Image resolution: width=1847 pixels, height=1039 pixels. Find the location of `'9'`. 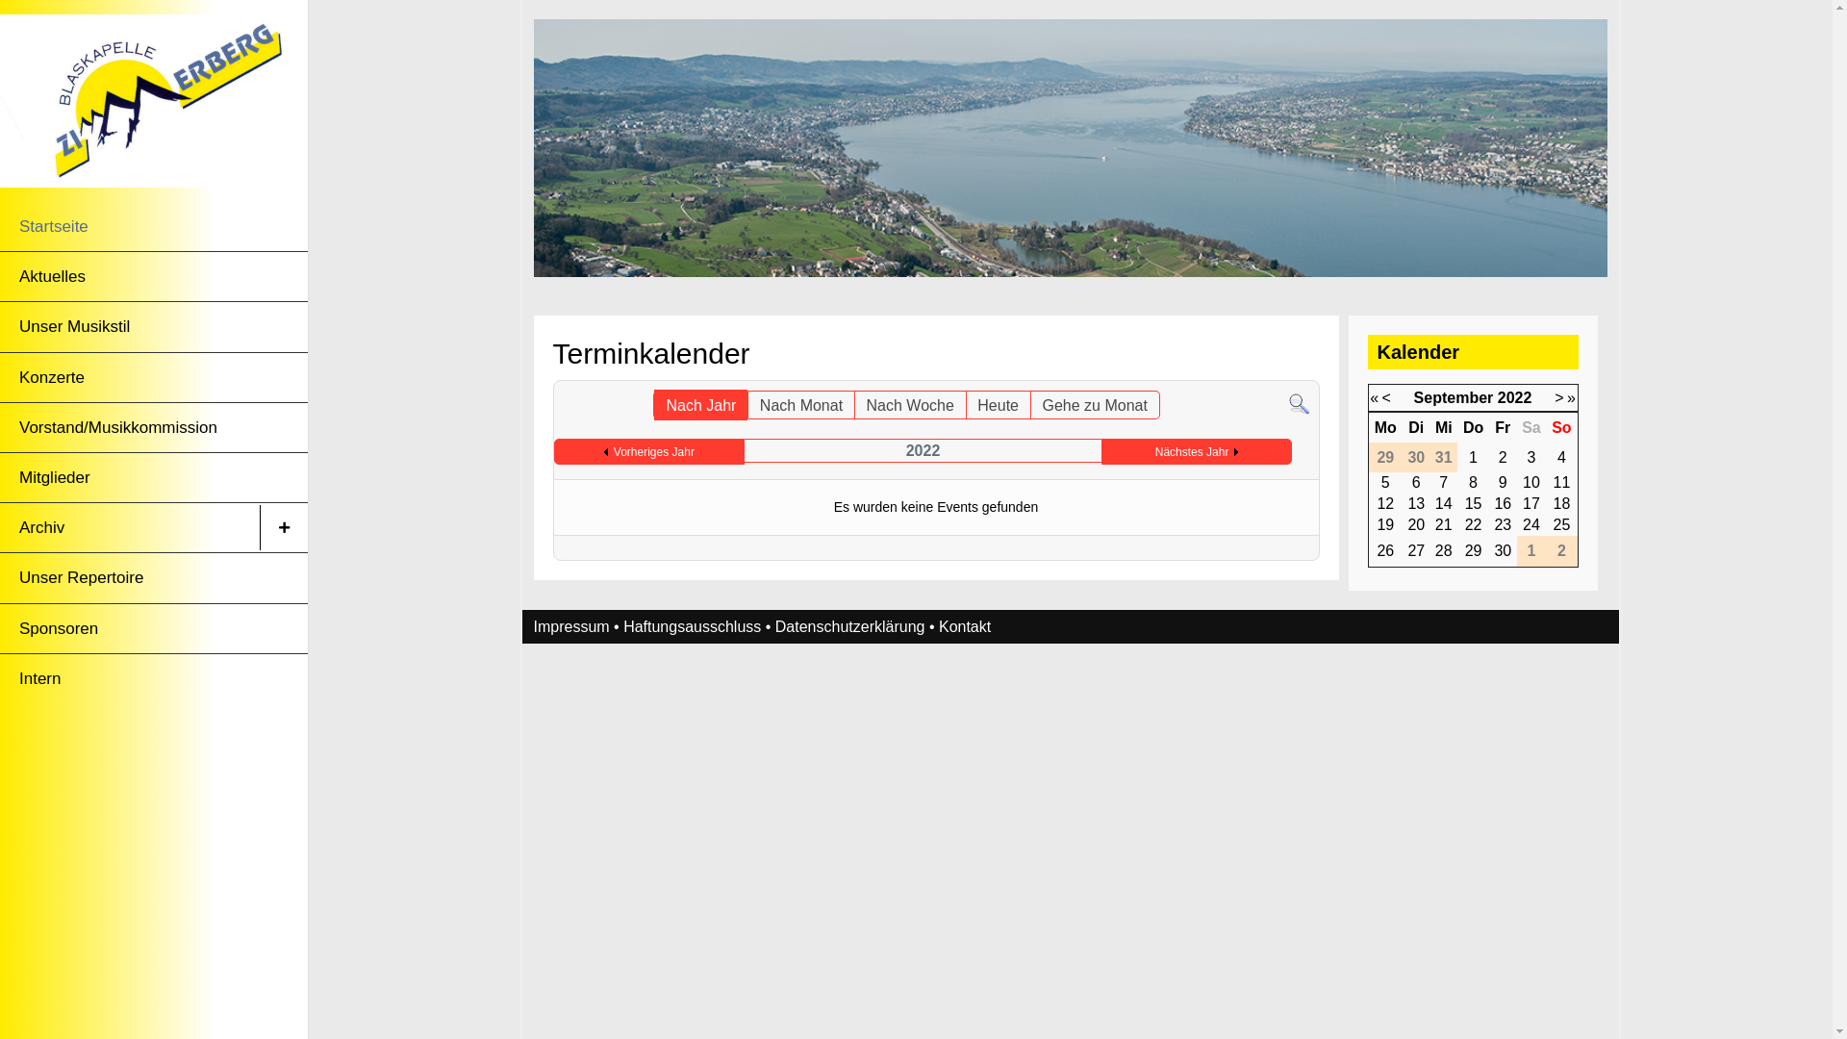

'9' is located at coordinates (1502, 481).